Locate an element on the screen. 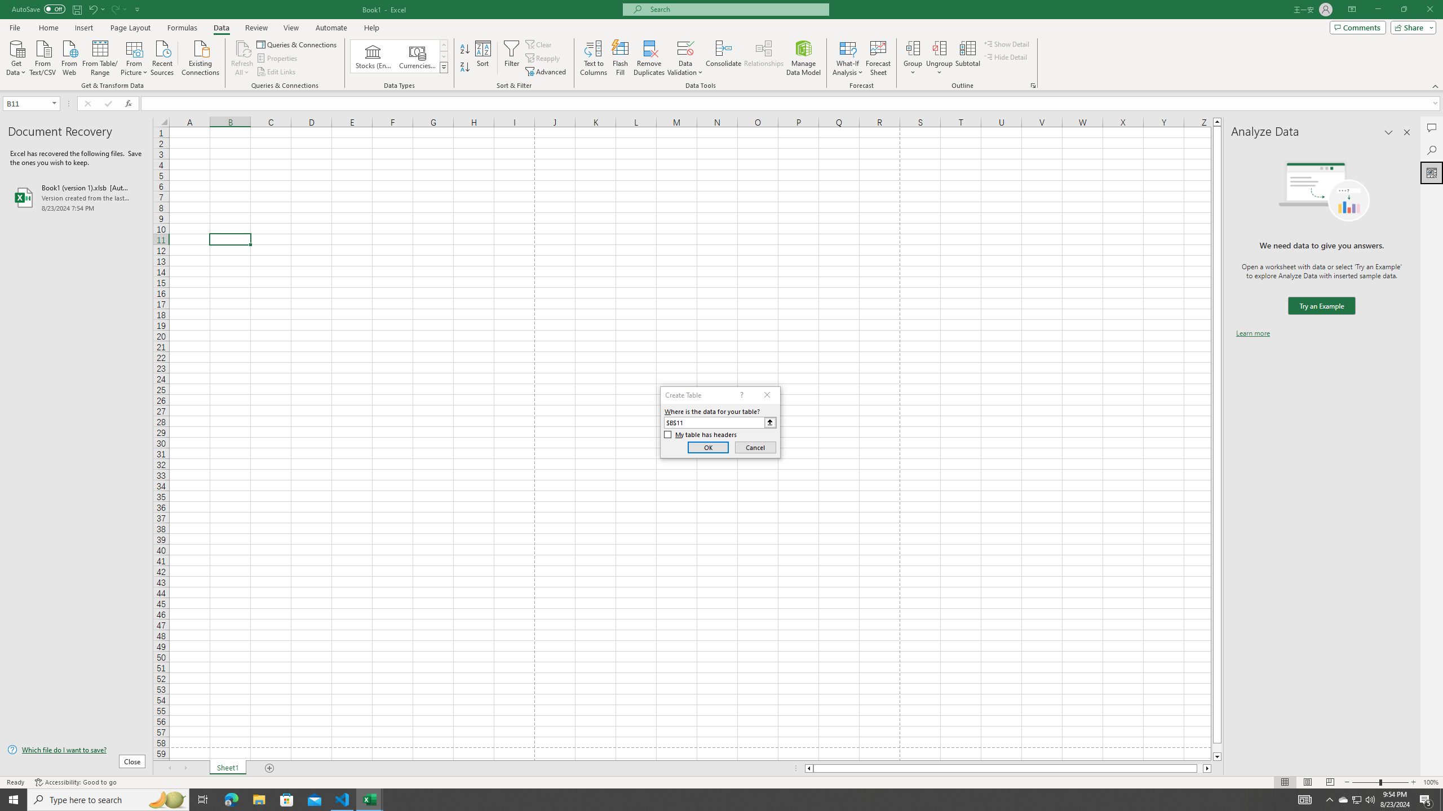 Image resolution: width=1443 pixels, height=811 pixels. 'Forecast Sheet' is located at coordinates (878, 58).